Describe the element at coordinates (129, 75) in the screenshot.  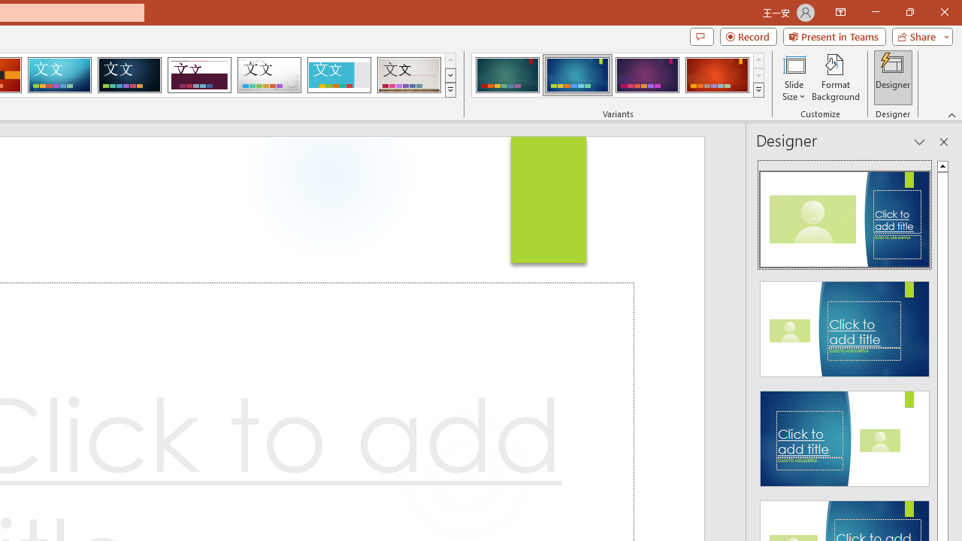
I see `'Damask Loading Preview...'` at that location.